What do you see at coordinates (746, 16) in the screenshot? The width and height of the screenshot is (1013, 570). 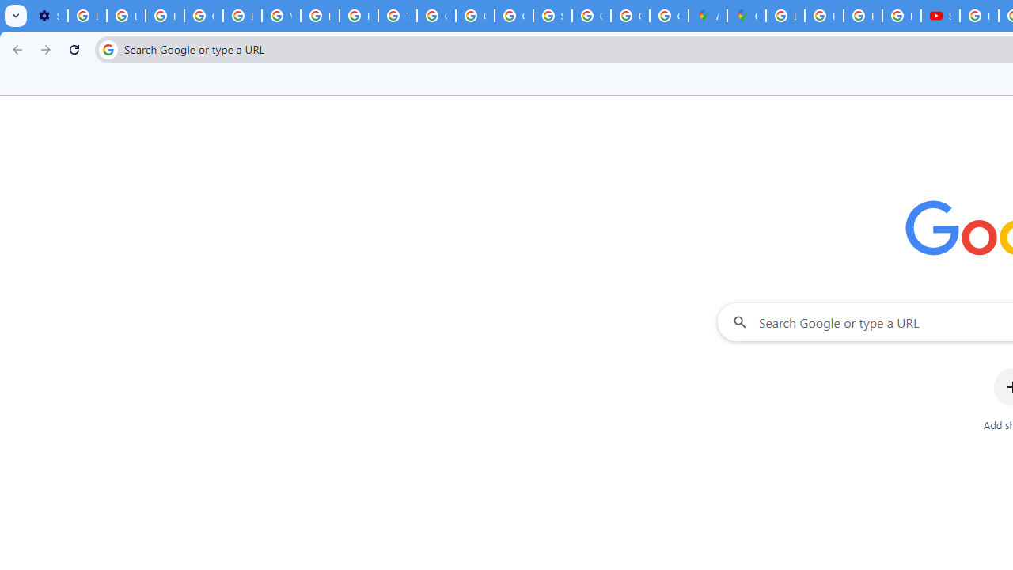 I see `'Google Maps'` at bounding box center [746, 16].